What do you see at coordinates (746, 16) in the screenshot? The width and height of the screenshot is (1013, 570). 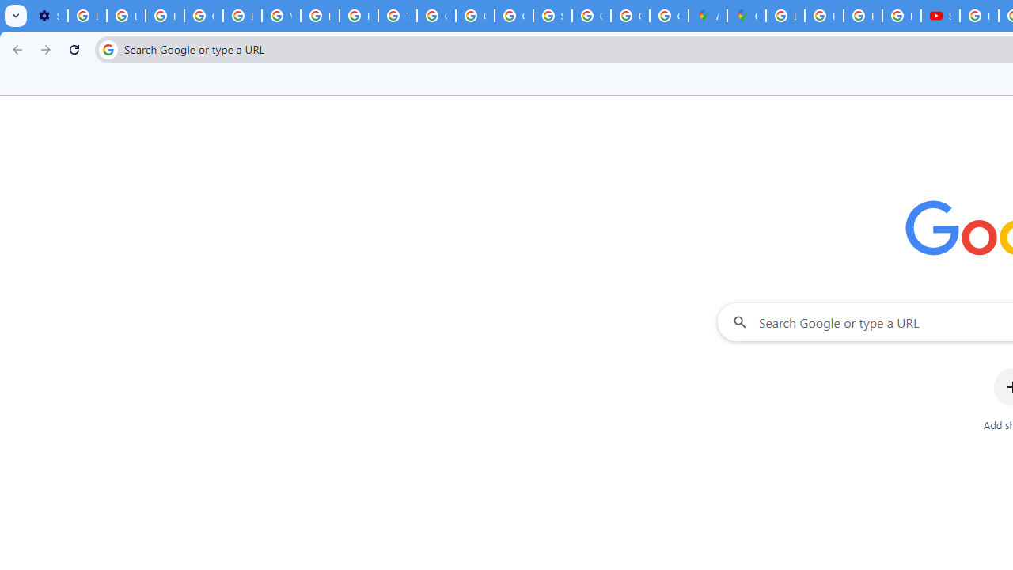 I see `'Google Maps'` at bounding box center [746, 16].